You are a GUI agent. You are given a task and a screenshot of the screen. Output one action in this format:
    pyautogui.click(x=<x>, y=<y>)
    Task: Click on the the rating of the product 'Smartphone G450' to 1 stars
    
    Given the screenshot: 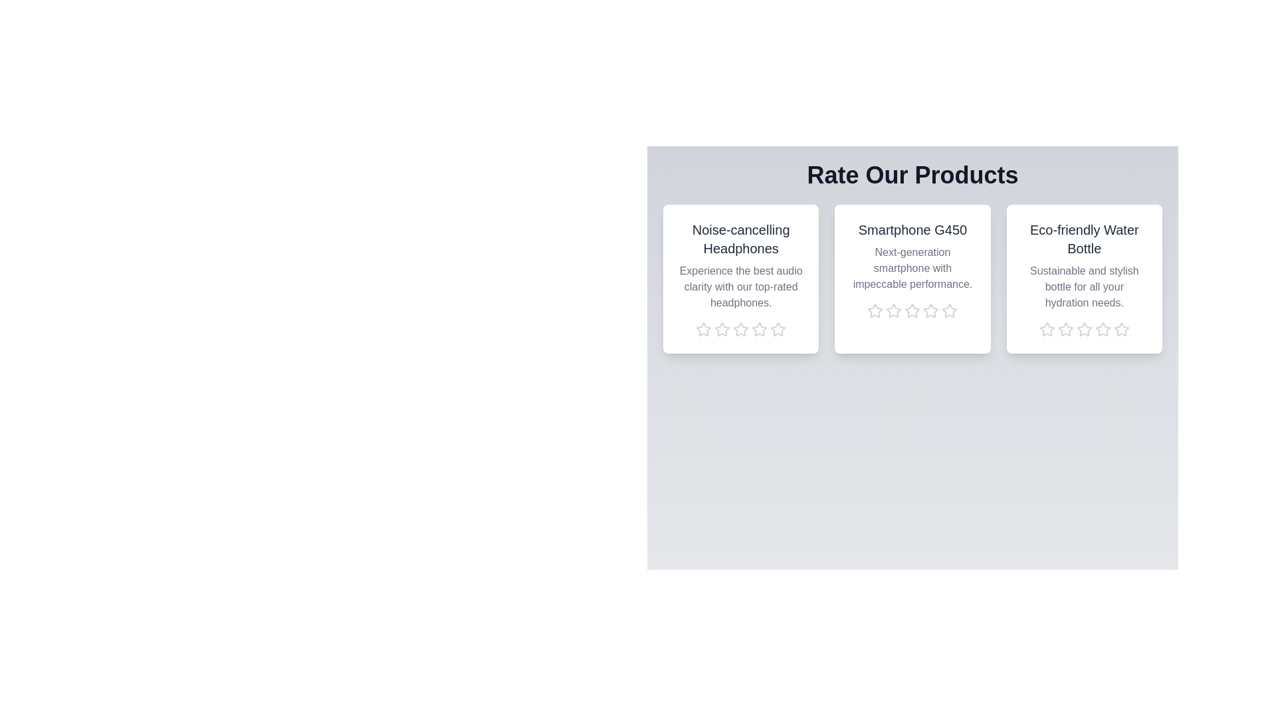 What is the action you would take?
    pyautogui.click(x=875, y=310)
    